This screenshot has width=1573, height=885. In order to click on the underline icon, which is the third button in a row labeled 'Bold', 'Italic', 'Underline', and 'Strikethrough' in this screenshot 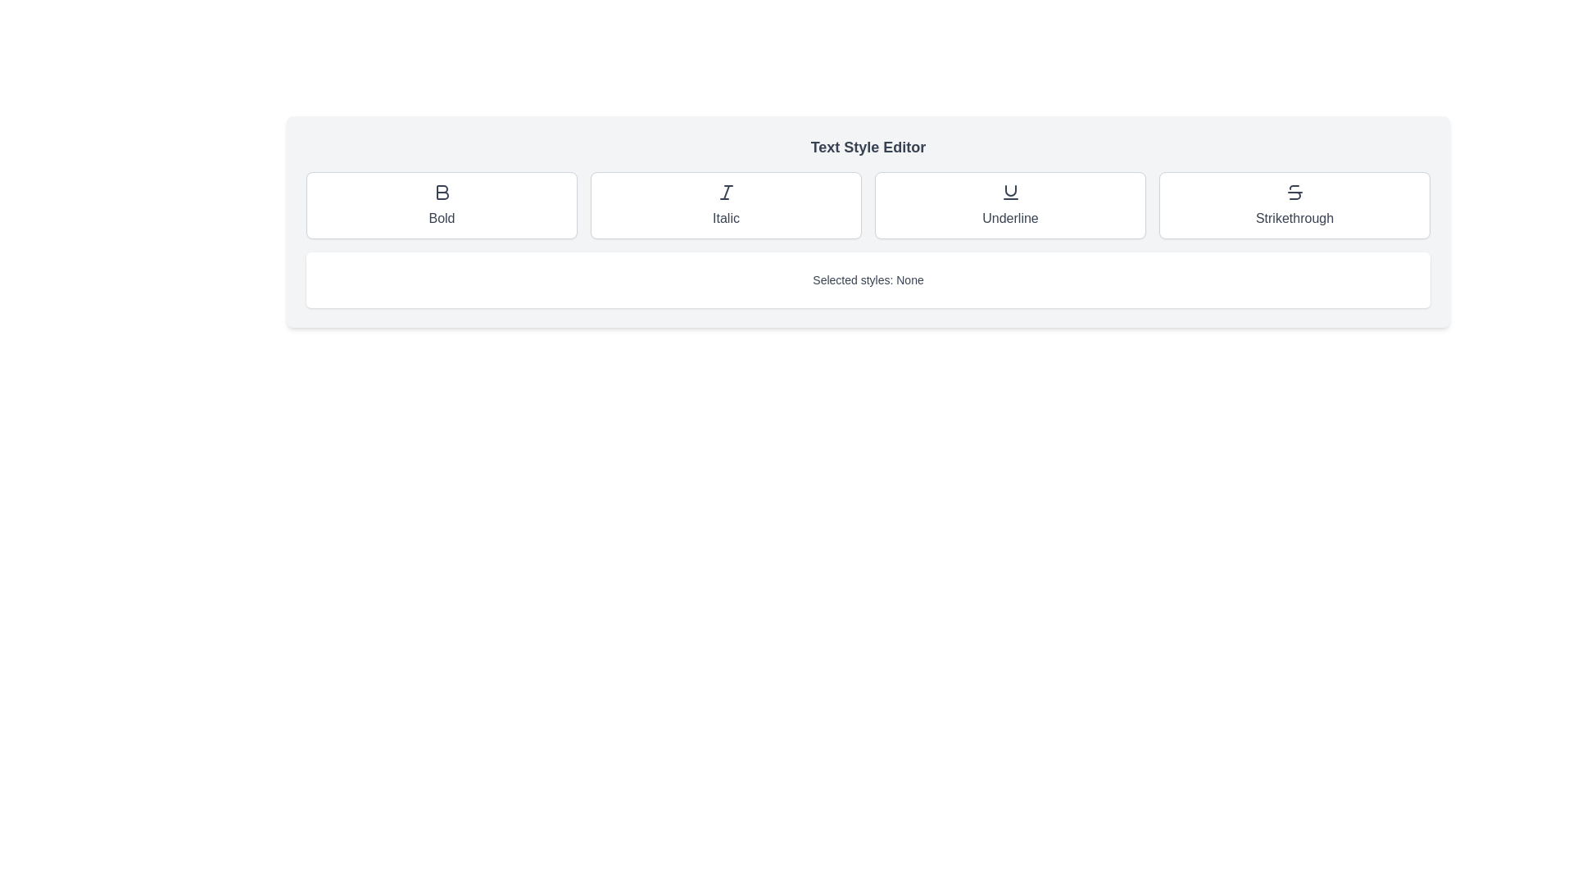, I will do `click(1009, 192)`.